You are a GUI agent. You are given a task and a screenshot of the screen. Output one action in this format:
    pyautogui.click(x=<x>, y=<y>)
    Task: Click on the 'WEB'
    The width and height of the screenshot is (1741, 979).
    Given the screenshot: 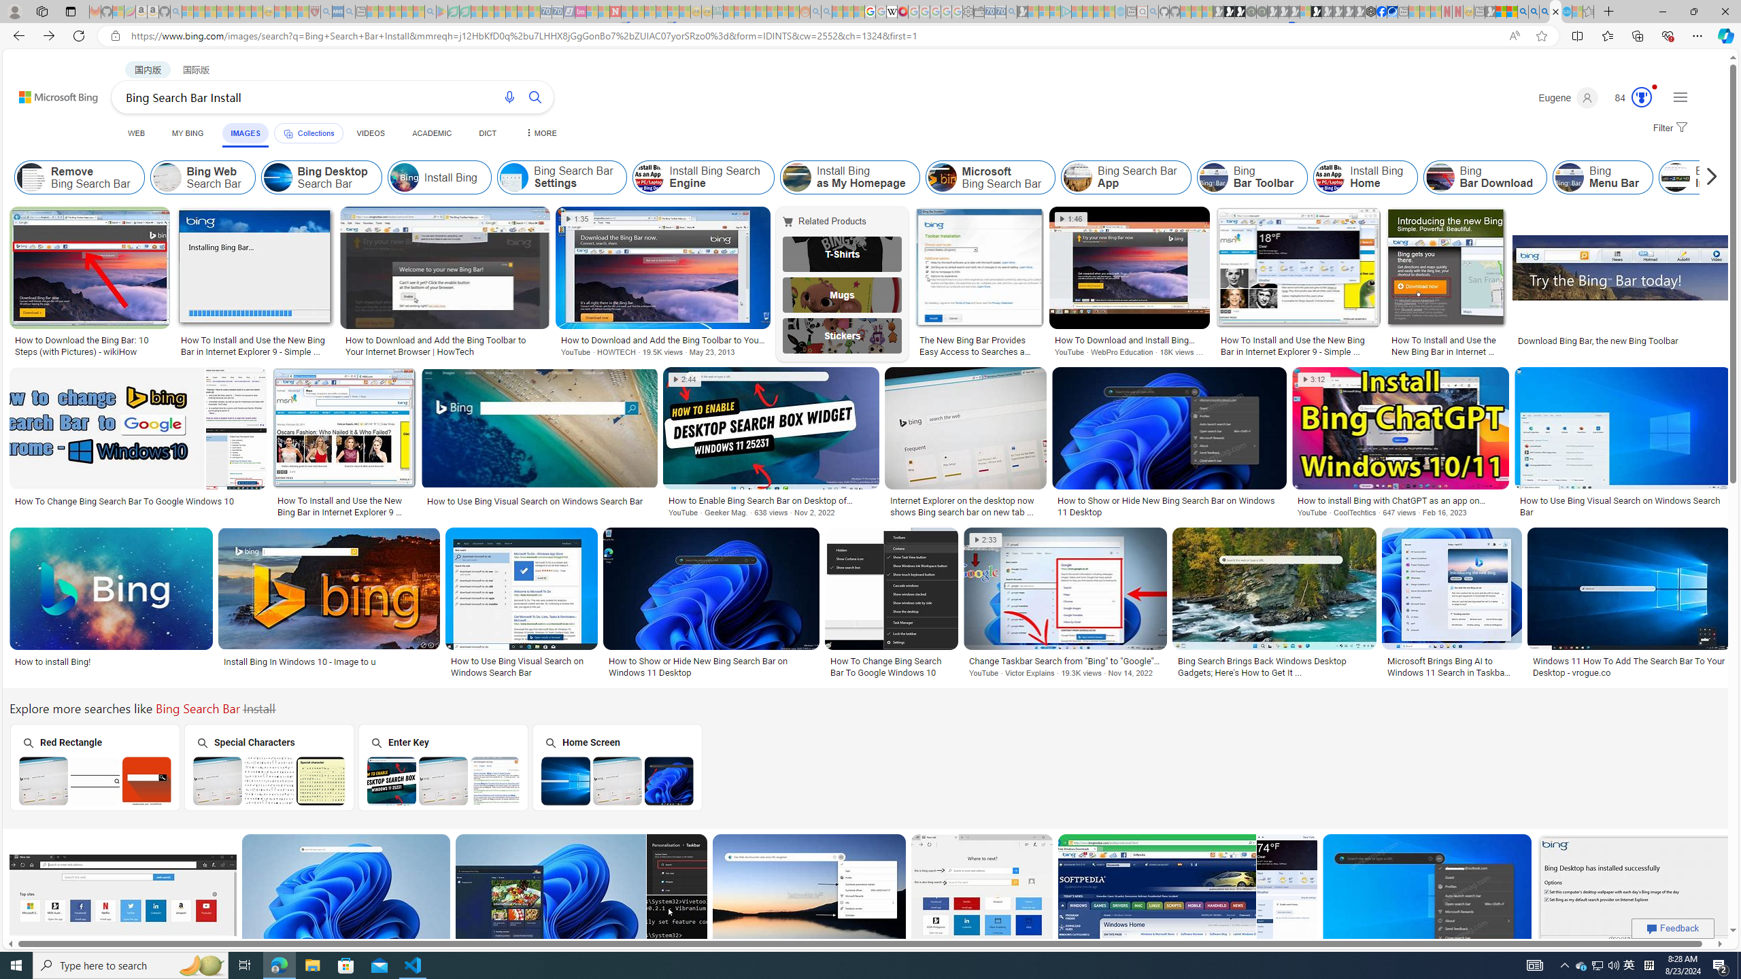 What is the action you would take?
    pyautogui.click(x=135, y=133)
    